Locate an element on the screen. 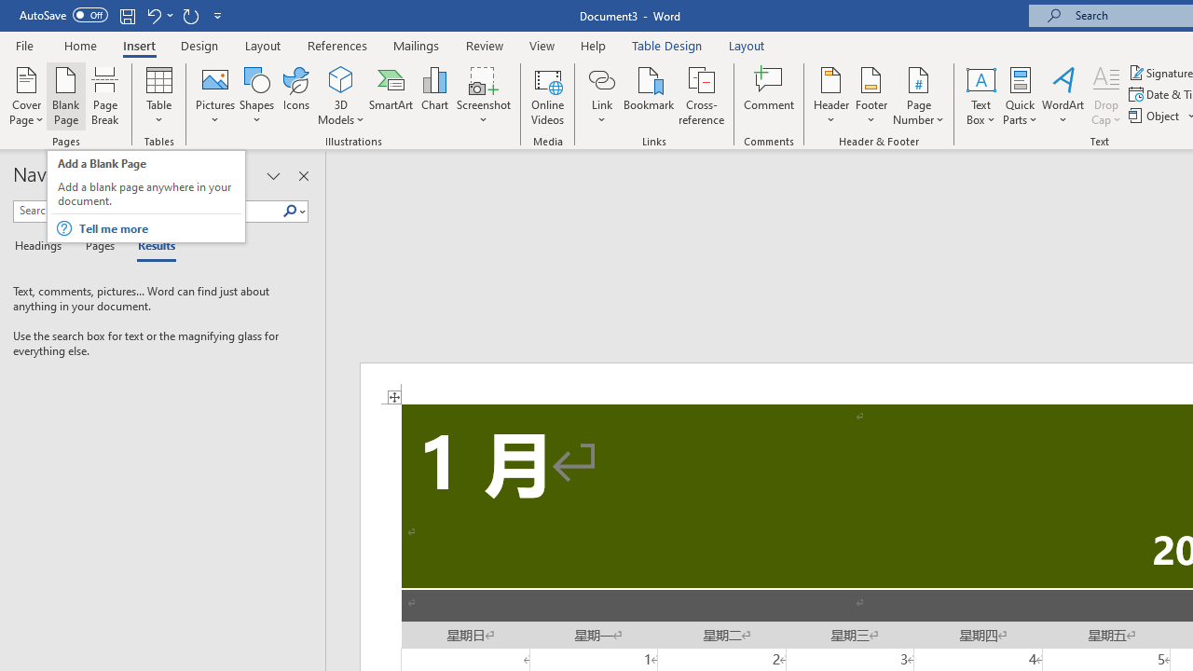  'Screenshot' is located at coordinates (484, 96).